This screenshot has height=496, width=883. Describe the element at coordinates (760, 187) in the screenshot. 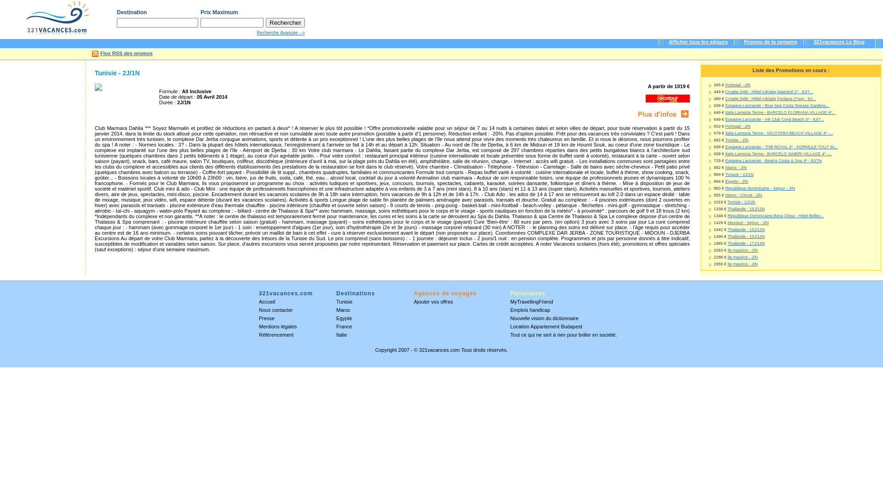

I see `'Republique dominicaine - Sejour - J/N'` at that location.